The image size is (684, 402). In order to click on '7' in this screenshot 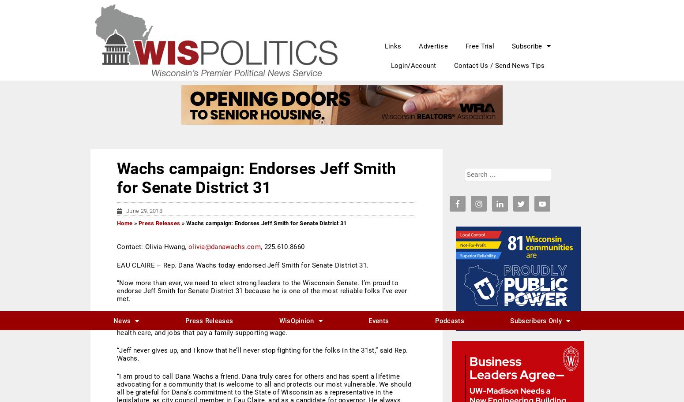, I will do `click(458, 265)`.